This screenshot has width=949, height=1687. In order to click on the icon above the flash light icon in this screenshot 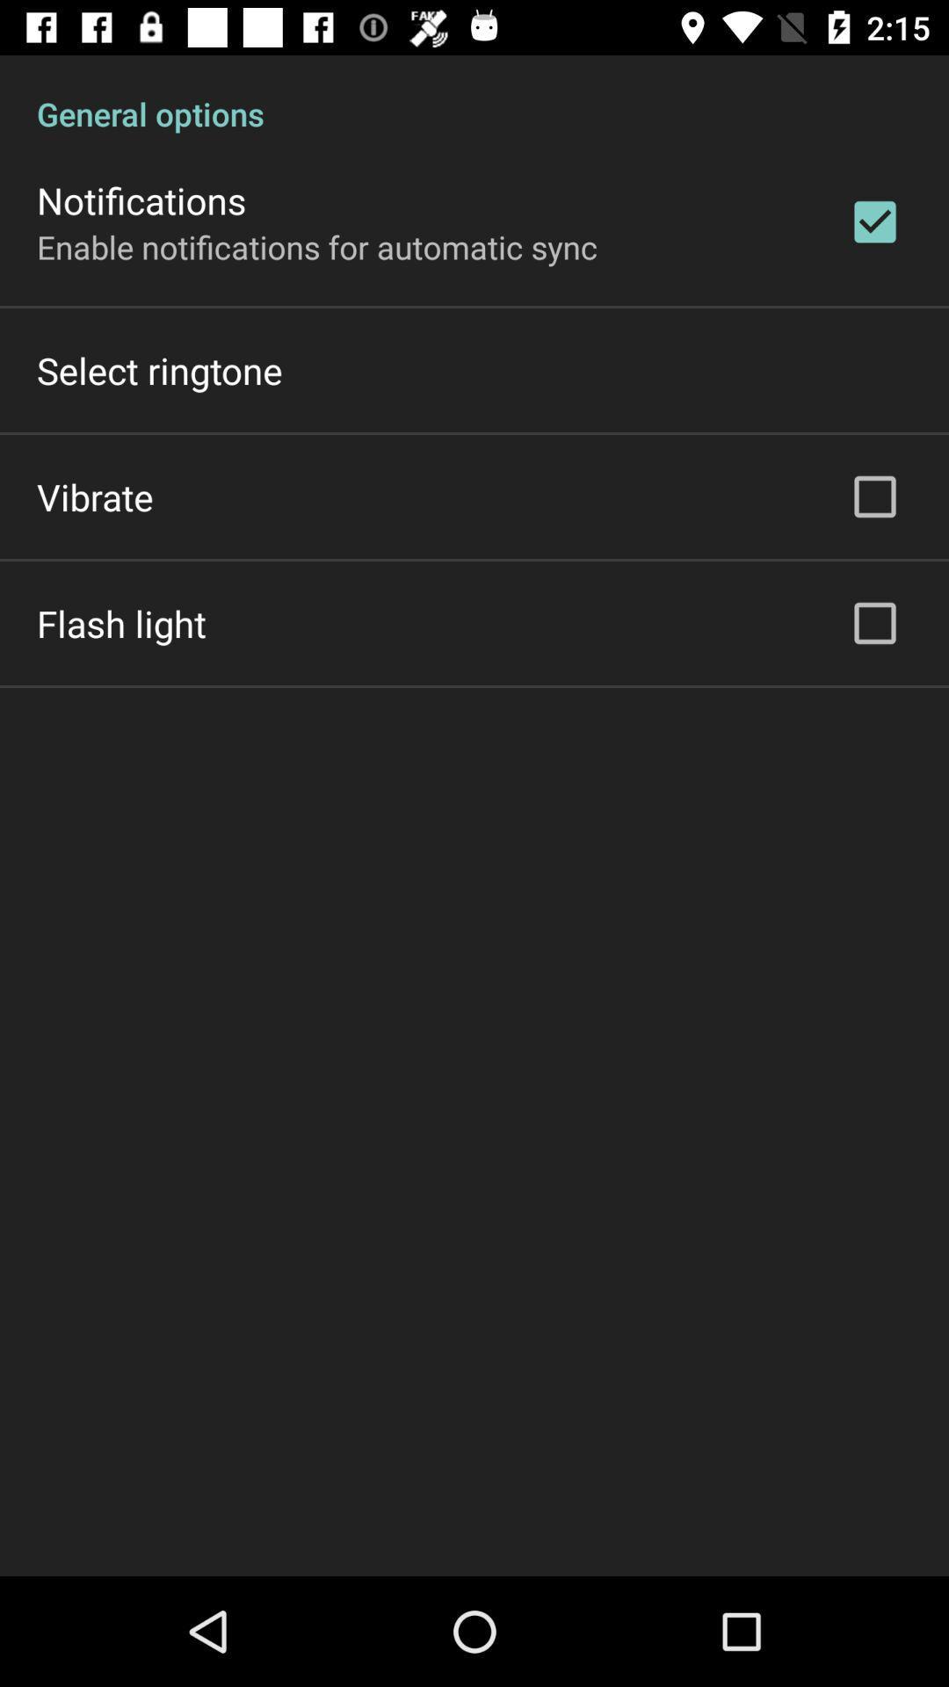, I will do `click(95, 496)`.